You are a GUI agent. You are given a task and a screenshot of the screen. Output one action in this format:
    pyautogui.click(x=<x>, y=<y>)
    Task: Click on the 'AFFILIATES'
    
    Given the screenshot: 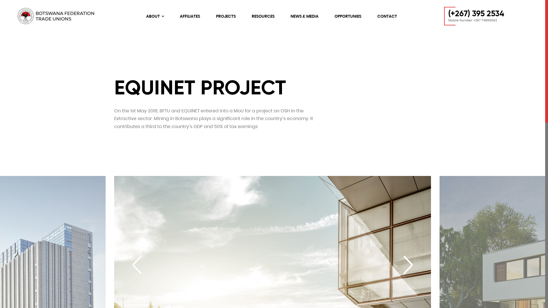 What is the action you would take?
    pyautogui.click(x=190, y=16)
    